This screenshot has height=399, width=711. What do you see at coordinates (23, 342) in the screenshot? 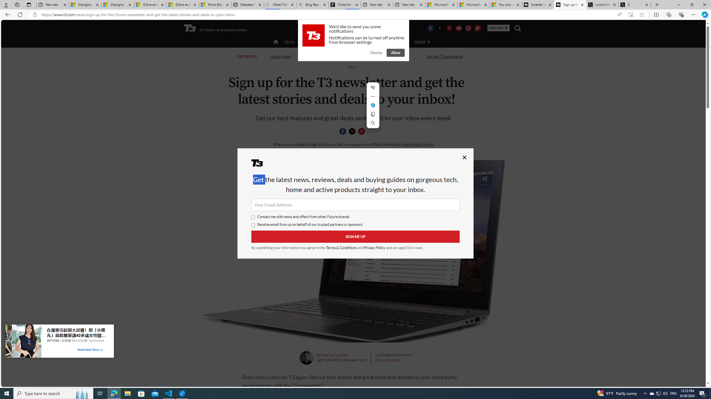
I see `'Image for Taboola Advertising Unit'` at bounding box center [23, 342].